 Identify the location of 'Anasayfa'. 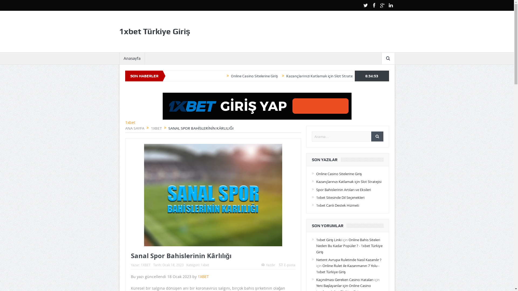
(132, 58).